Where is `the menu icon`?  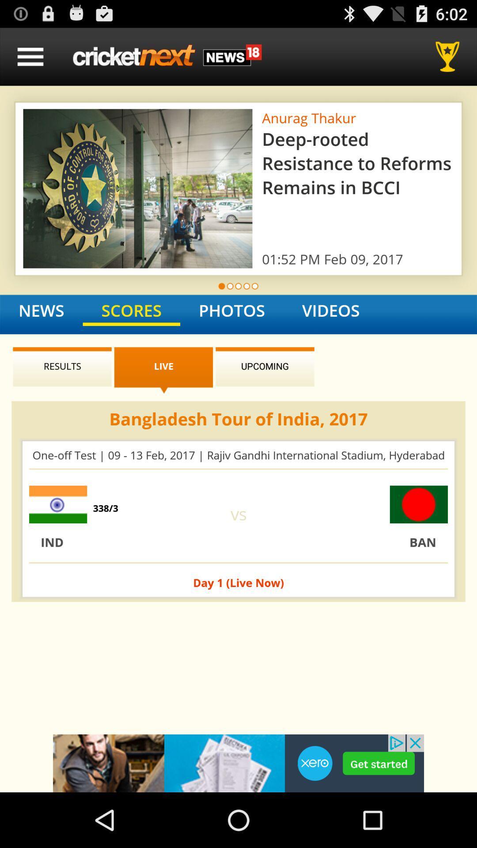
the menu icon is located at coordinates (30, 60).